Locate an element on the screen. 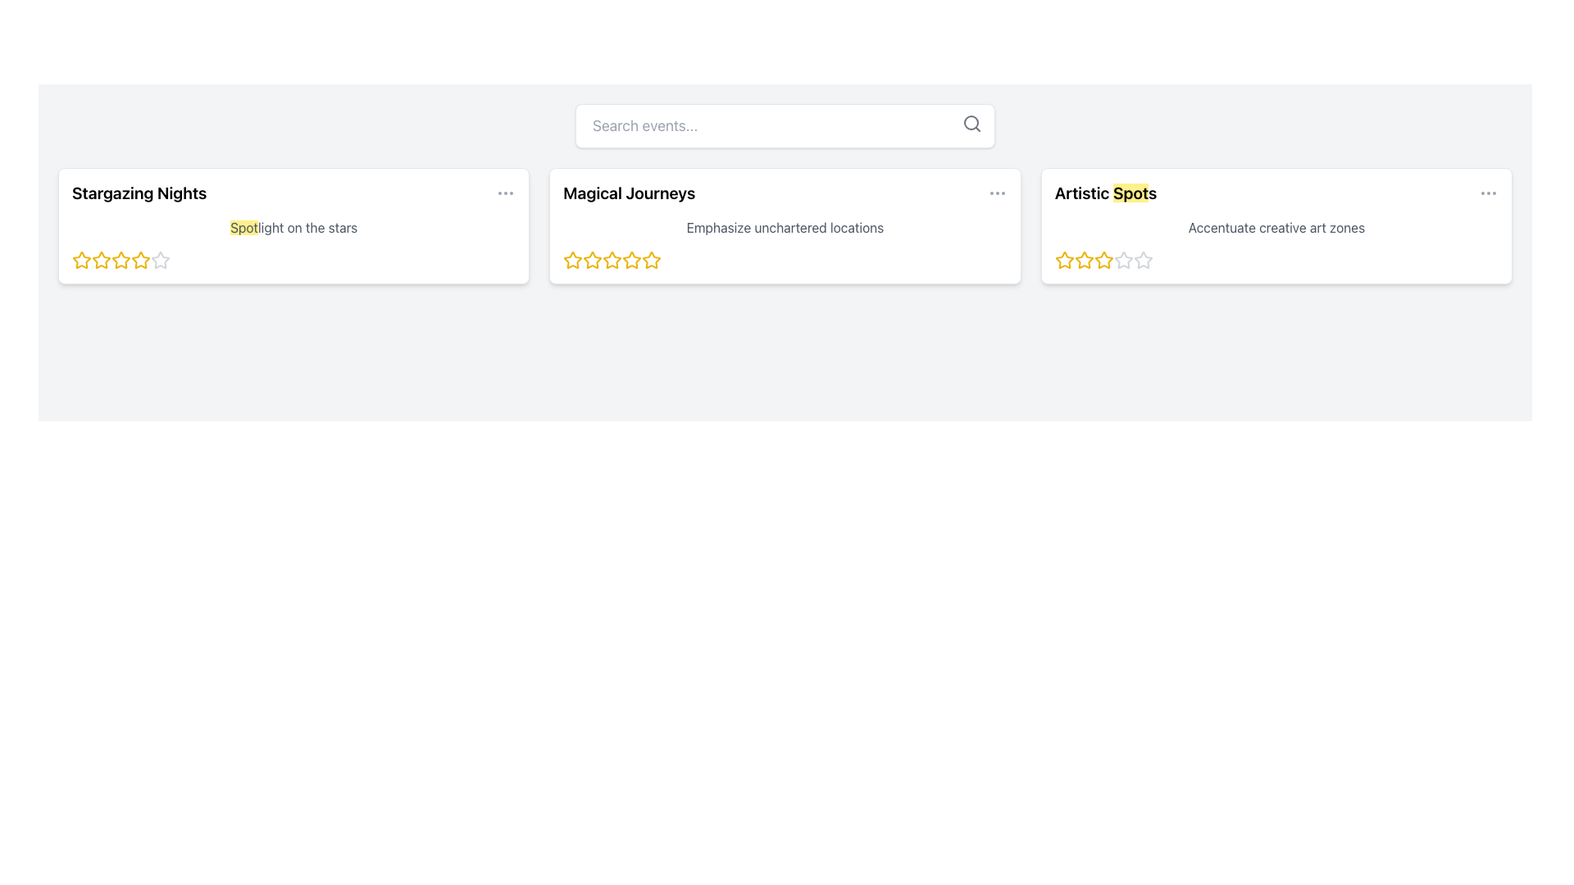 This screenshot has width=1574, height=885. the third yellow outlined star icon in the 'Artistic Spots' card is located at coordinates (1103, 259).